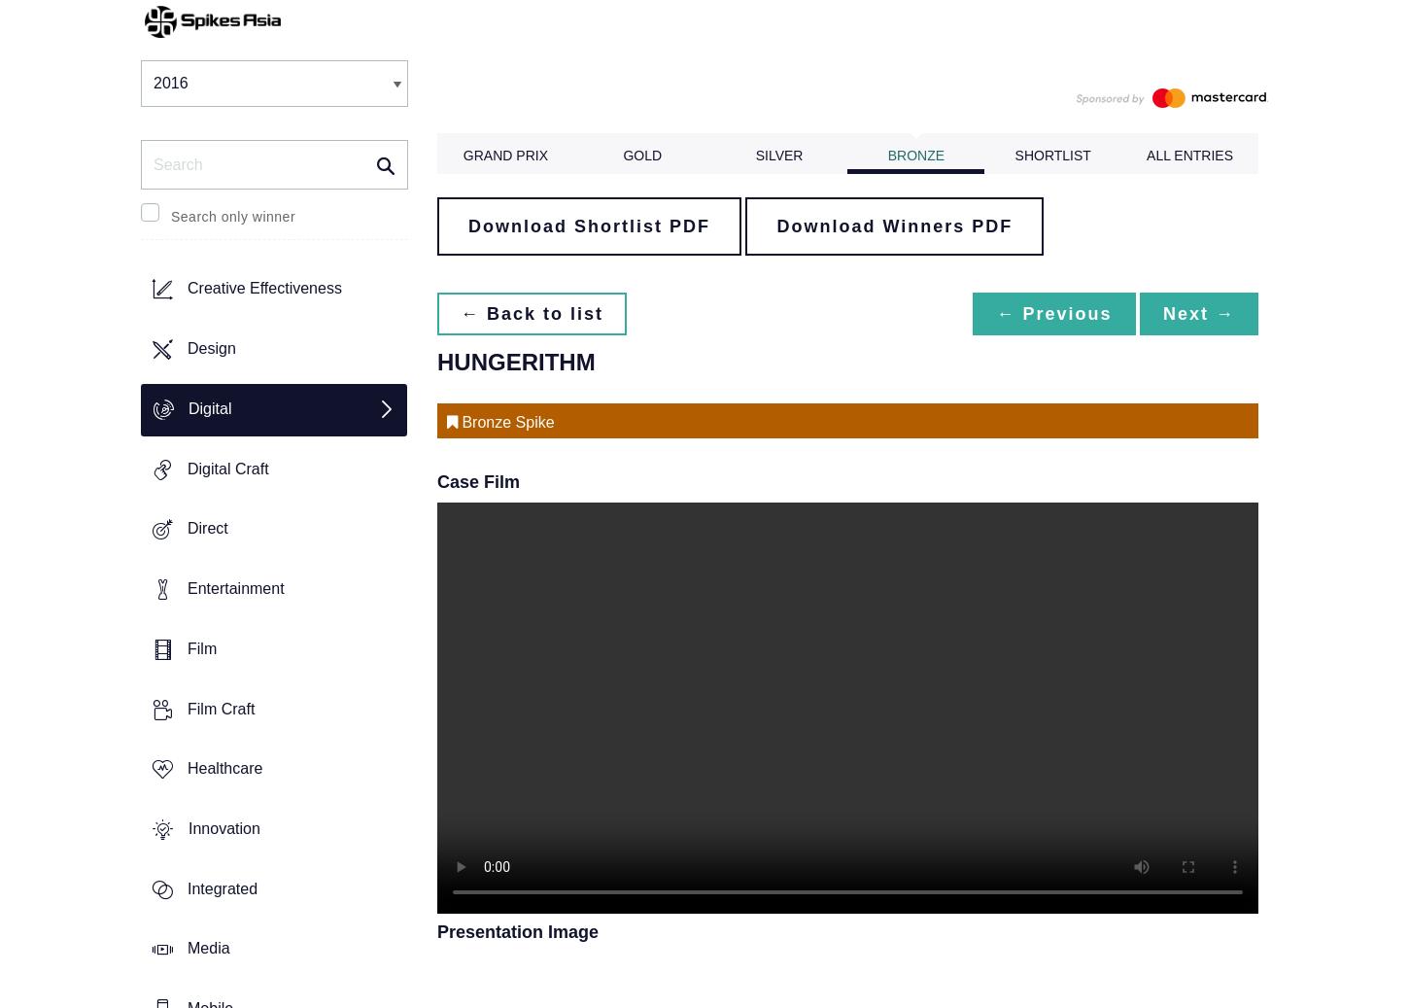 The width and height of the screenshot is (1409, 1008). Describe the element at coordinates (186, 648) in the screenshot. I see `'Film'` at that location.